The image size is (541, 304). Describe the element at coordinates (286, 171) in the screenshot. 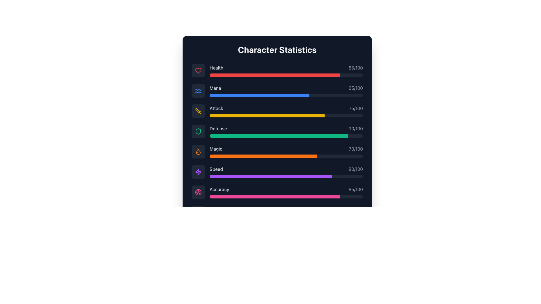

I see `the 'Speed' progress bar located in the 'Character Statistics' section, which is the fifth item in the vertical list of stat bars` at that location.